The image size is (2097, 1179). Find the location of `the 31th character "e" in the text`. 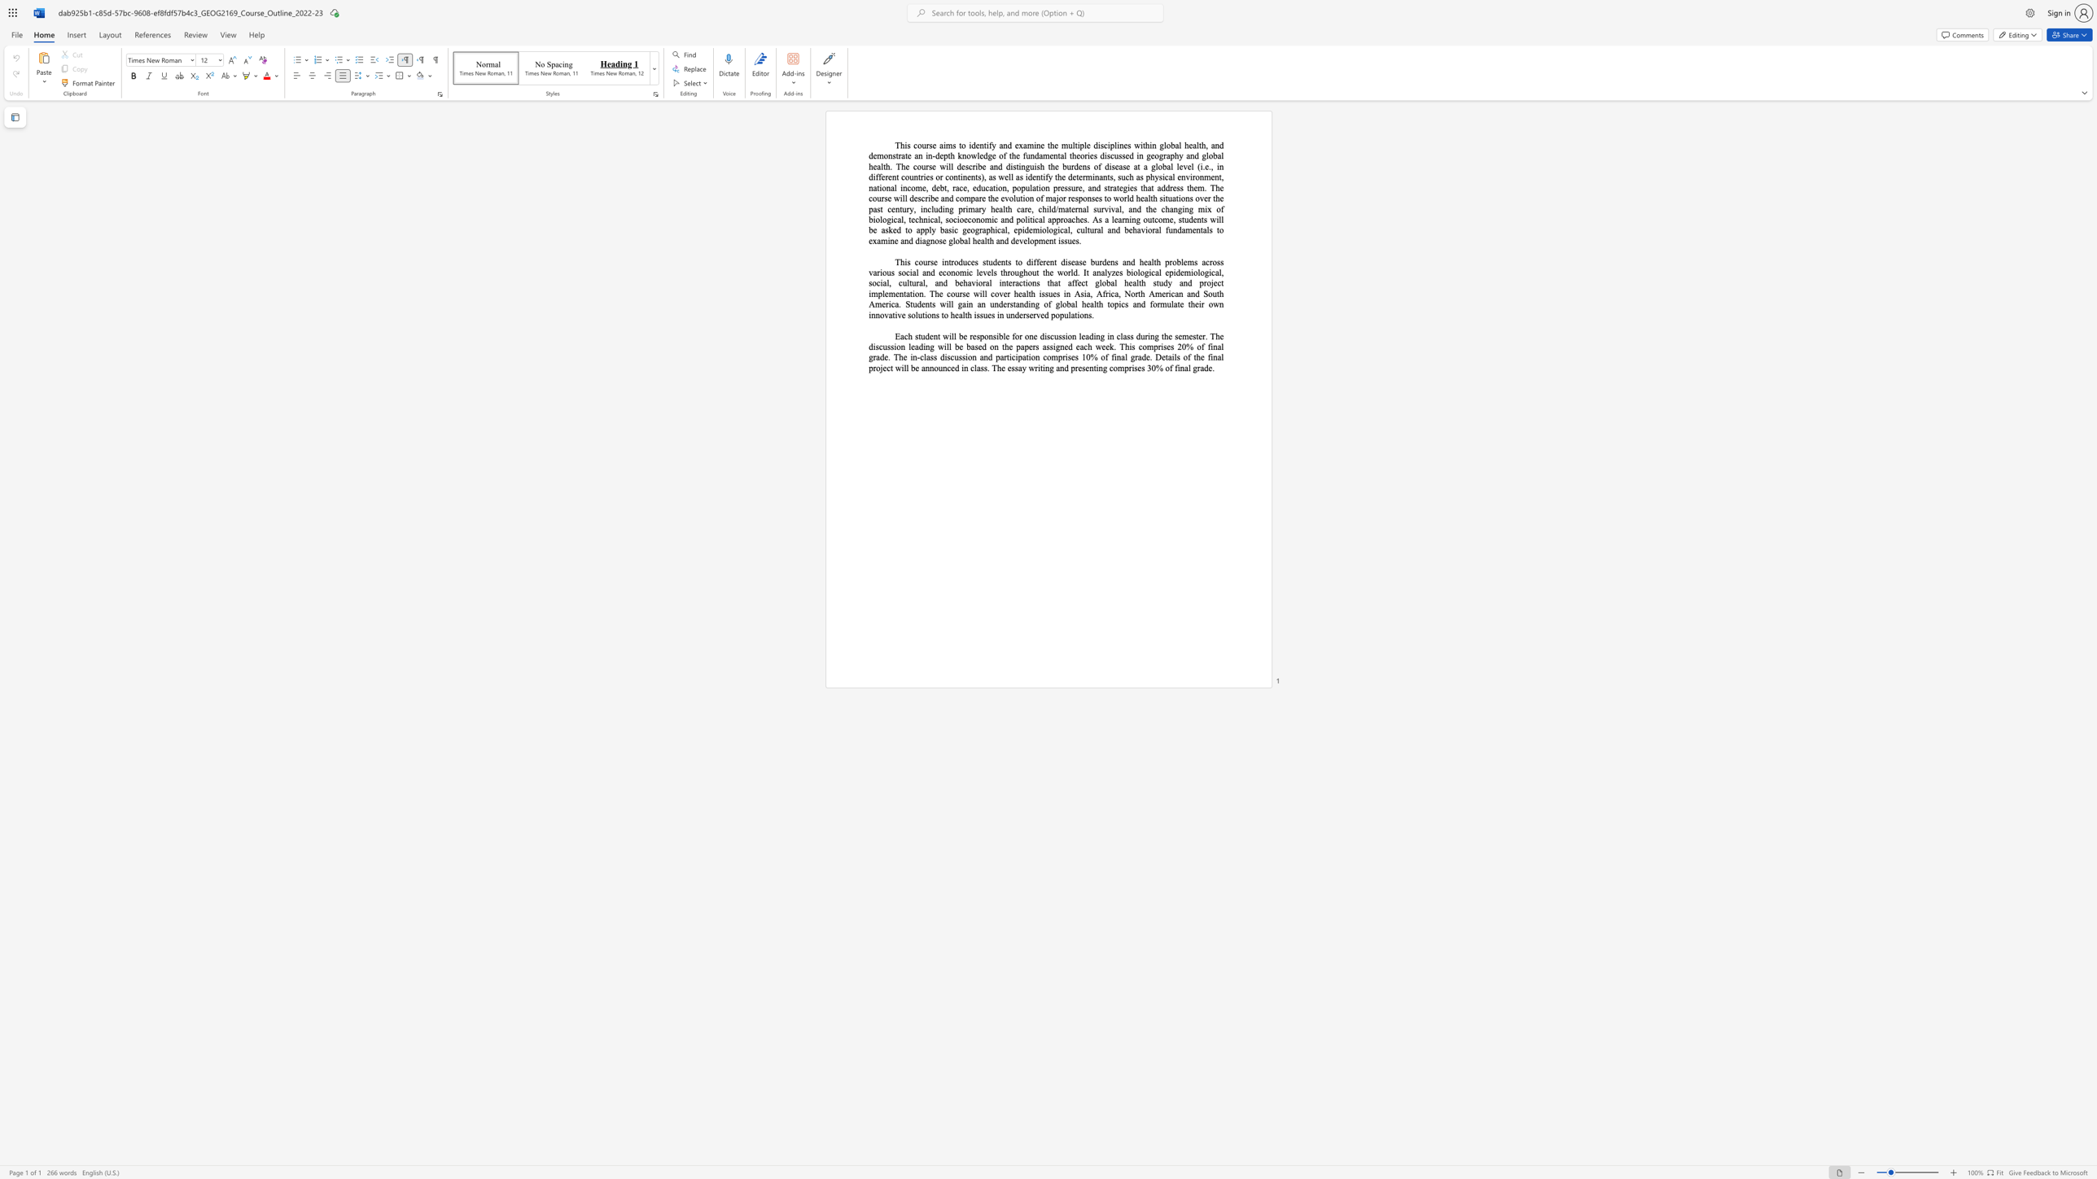

the 31th character "e" in the text is located at coordinates (996, 208).